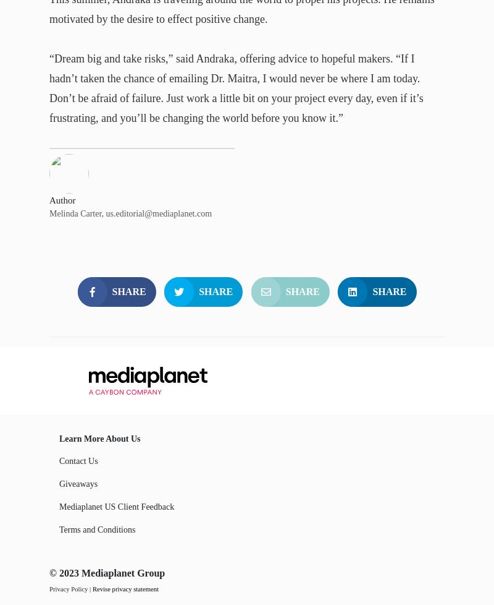 The image size is (494, 605). I want to click on 'Learn More About Us', so click(99, 438).